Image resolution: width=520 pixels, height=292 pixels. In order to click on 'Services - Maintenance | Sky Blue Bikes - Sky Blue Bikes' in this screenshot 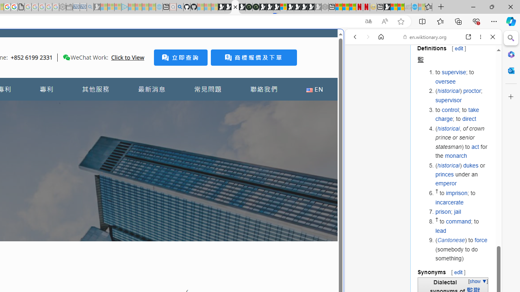, I will do `click(414, 7)`.